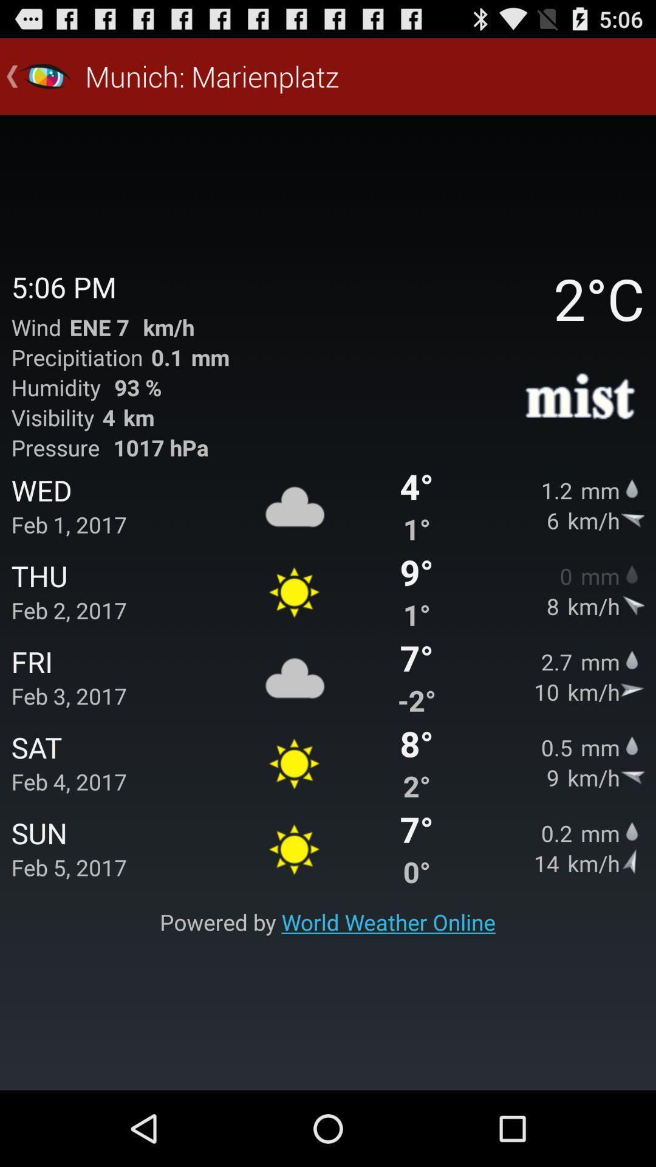  What do you see at coordinates (295, 676) in the screenshot?
I see `the icon which is next to the feb 3 2017` at bounding box center [295, 676].